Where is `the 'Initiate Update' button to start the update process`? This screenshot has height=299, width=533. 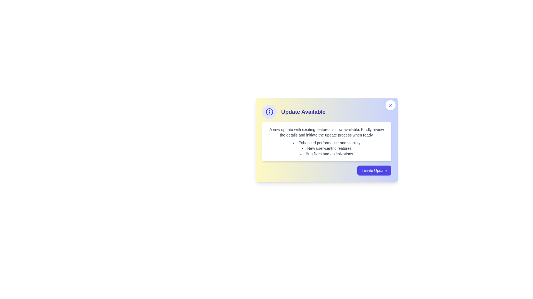
the 'Initiate Update' button to start the update process is located at coordinates (374, 170).